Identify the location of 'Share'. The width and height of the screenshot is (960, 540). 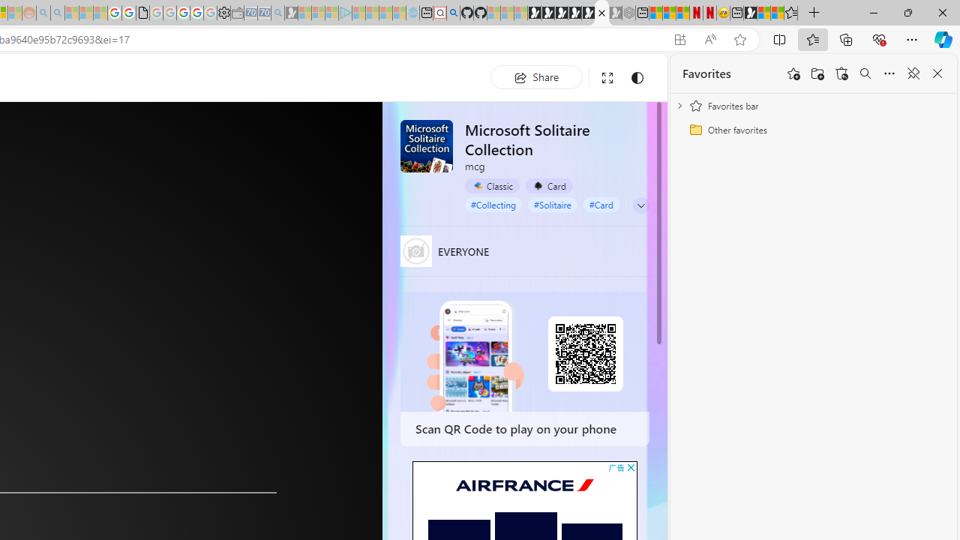
(536, 76).